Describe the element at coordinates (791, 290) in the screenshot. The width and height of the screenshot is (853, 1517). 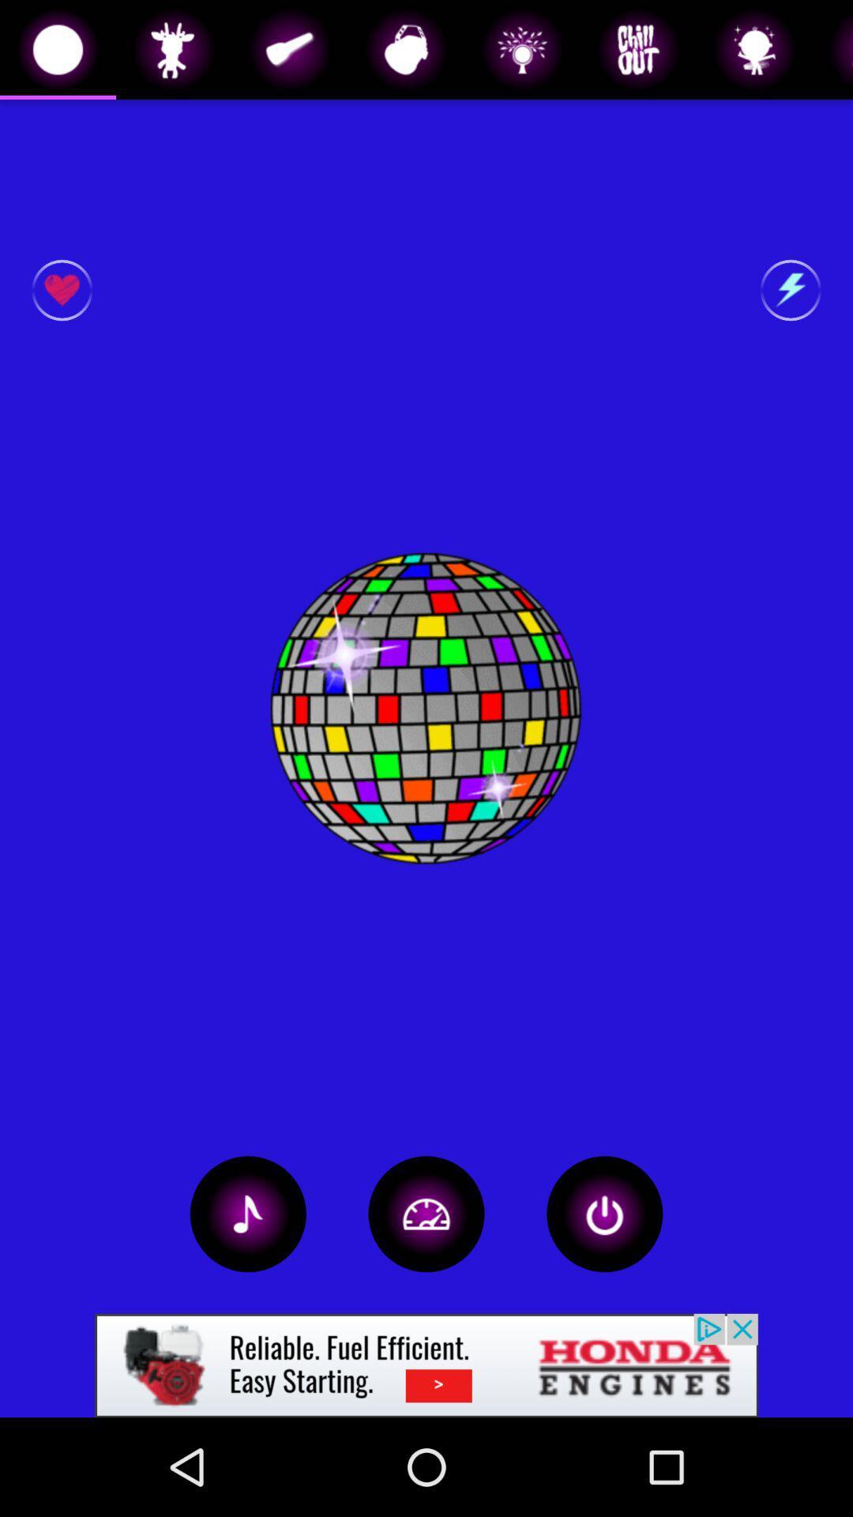
I see `the flash icon` at that location.